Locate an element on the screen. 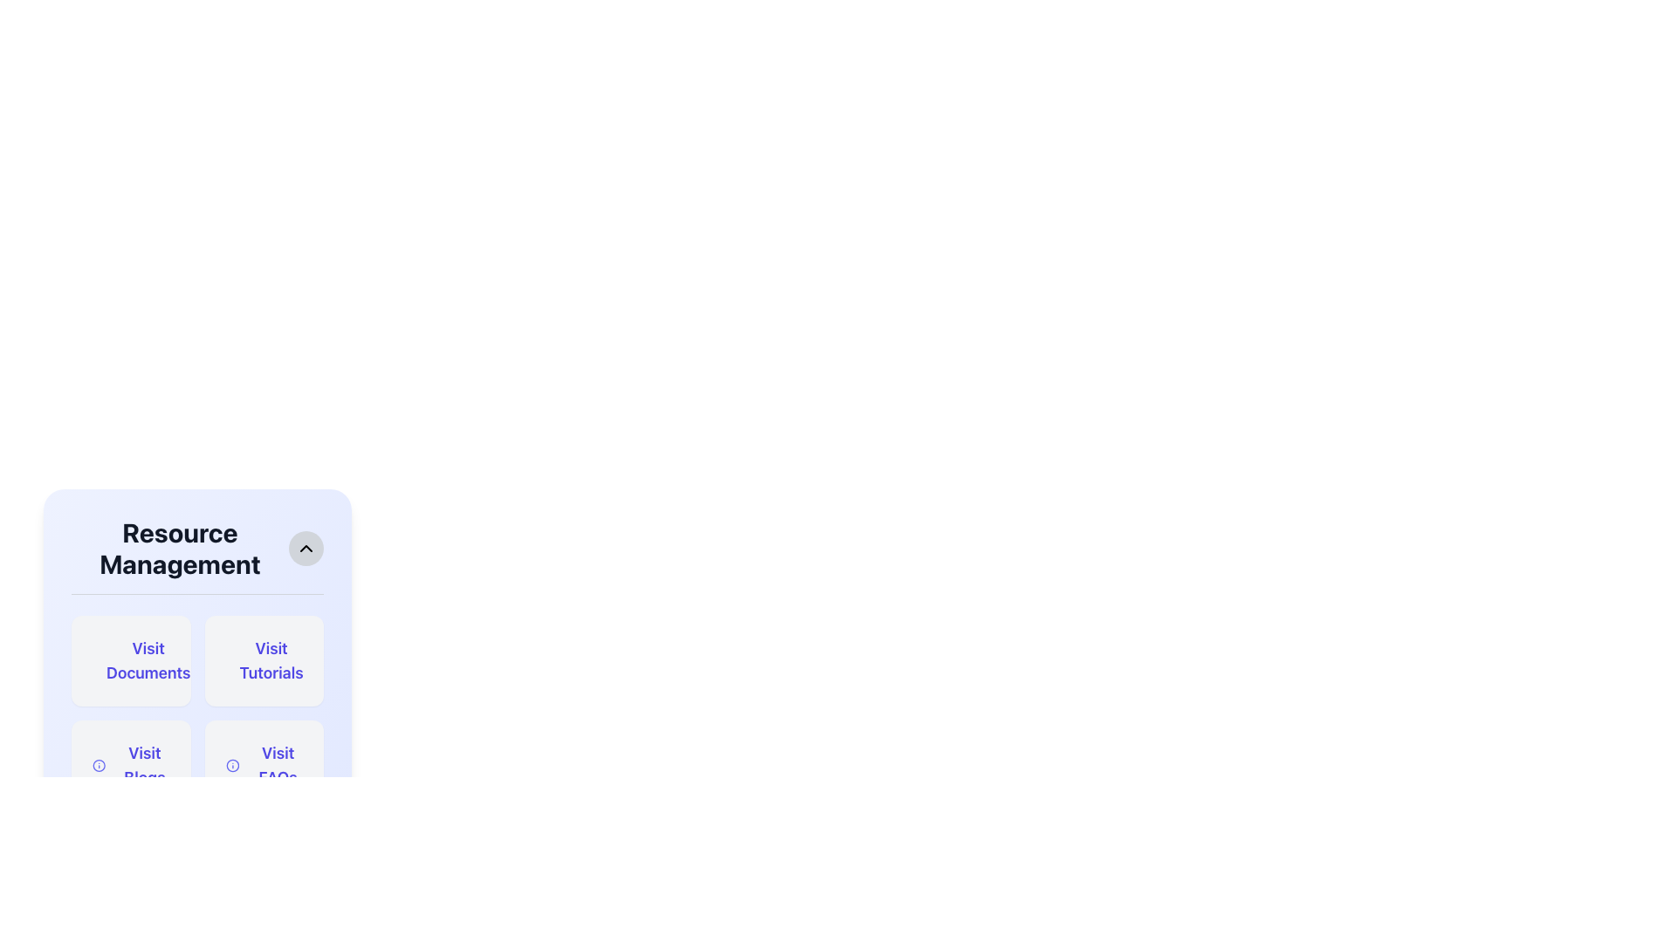 This screenshot has height=942, width=1676. the circular SVG shape that serves as the outer ring of the information icon in the top left corner of the 'Resource Management' section, near the text 'Visit Blogs' is located at coordinates (231, 765).